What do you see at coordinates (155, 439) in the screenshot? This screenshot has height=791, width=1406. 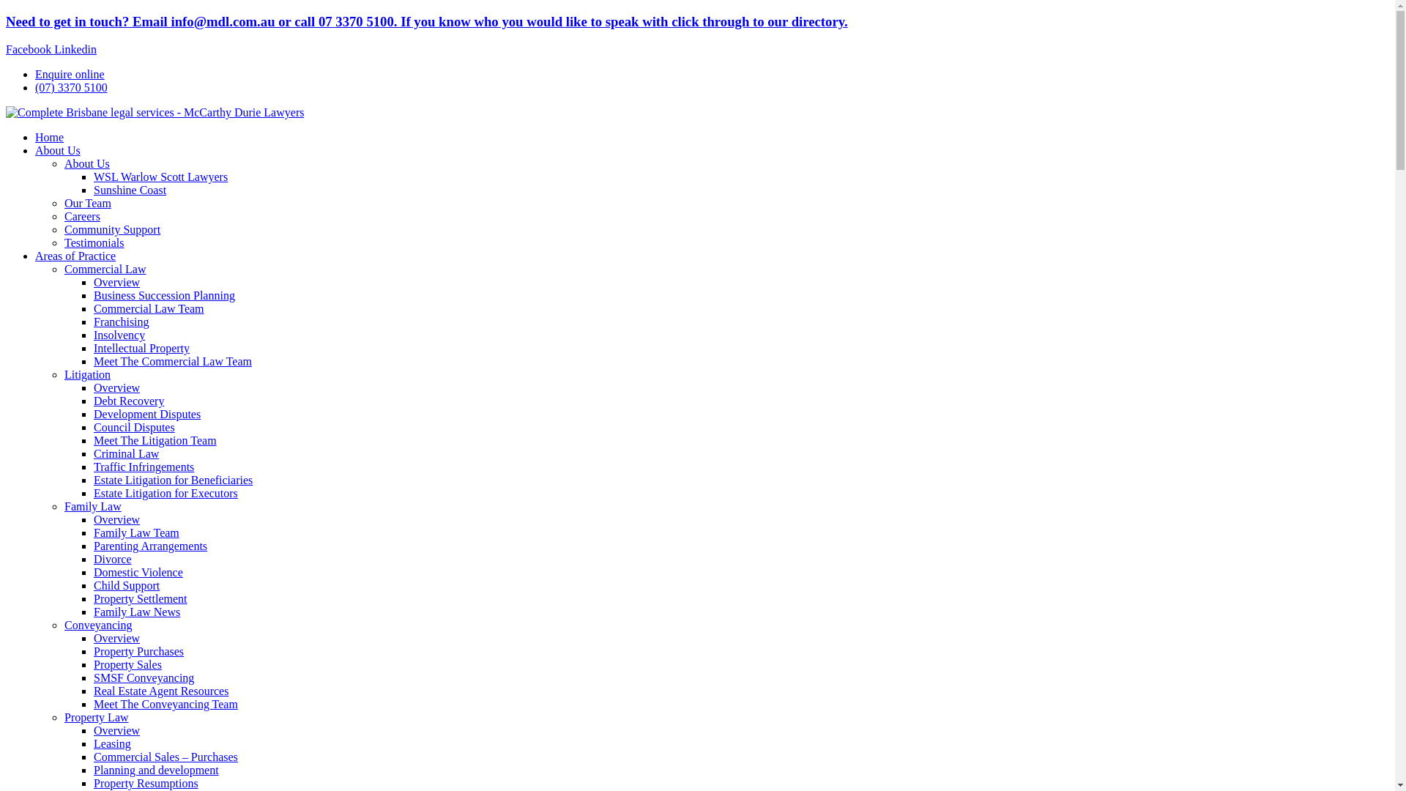 I see `'Meet The Litigation Team'` at bounding box center [155, 439].